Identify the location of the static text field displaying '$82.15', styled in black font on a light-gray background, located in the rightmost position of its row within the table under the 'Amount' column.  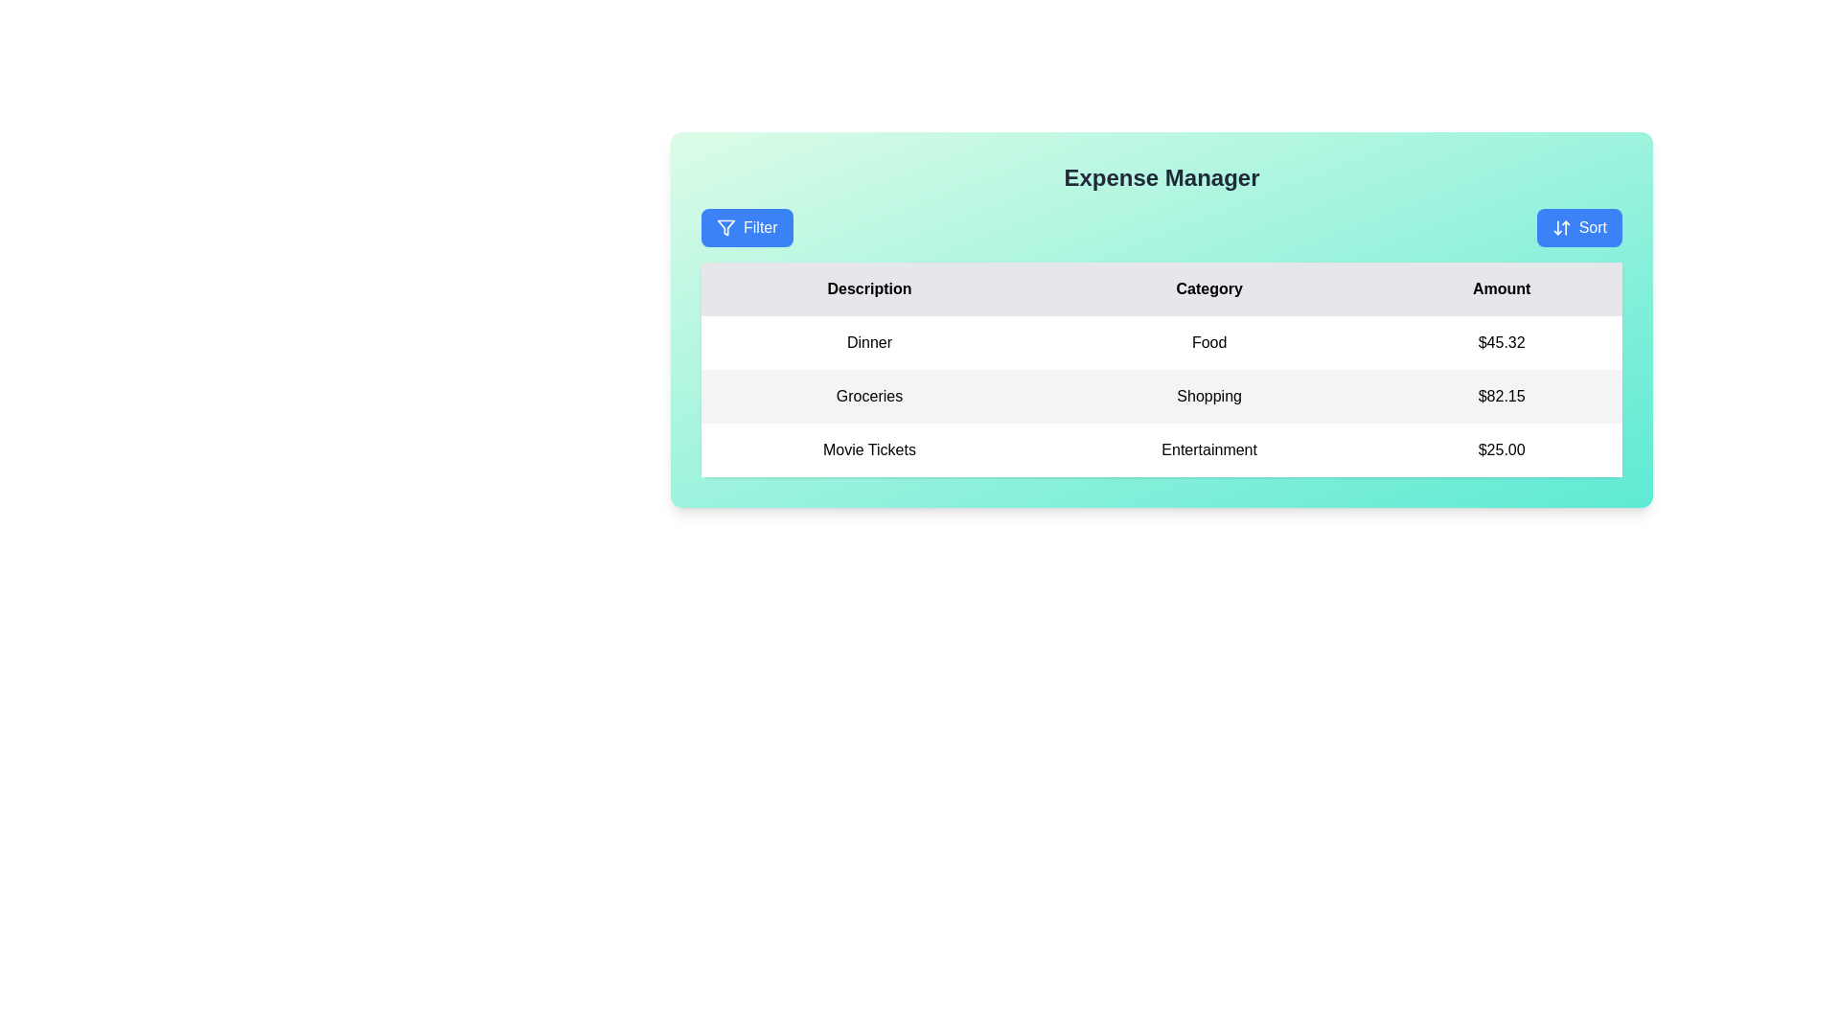
(1501, 395).